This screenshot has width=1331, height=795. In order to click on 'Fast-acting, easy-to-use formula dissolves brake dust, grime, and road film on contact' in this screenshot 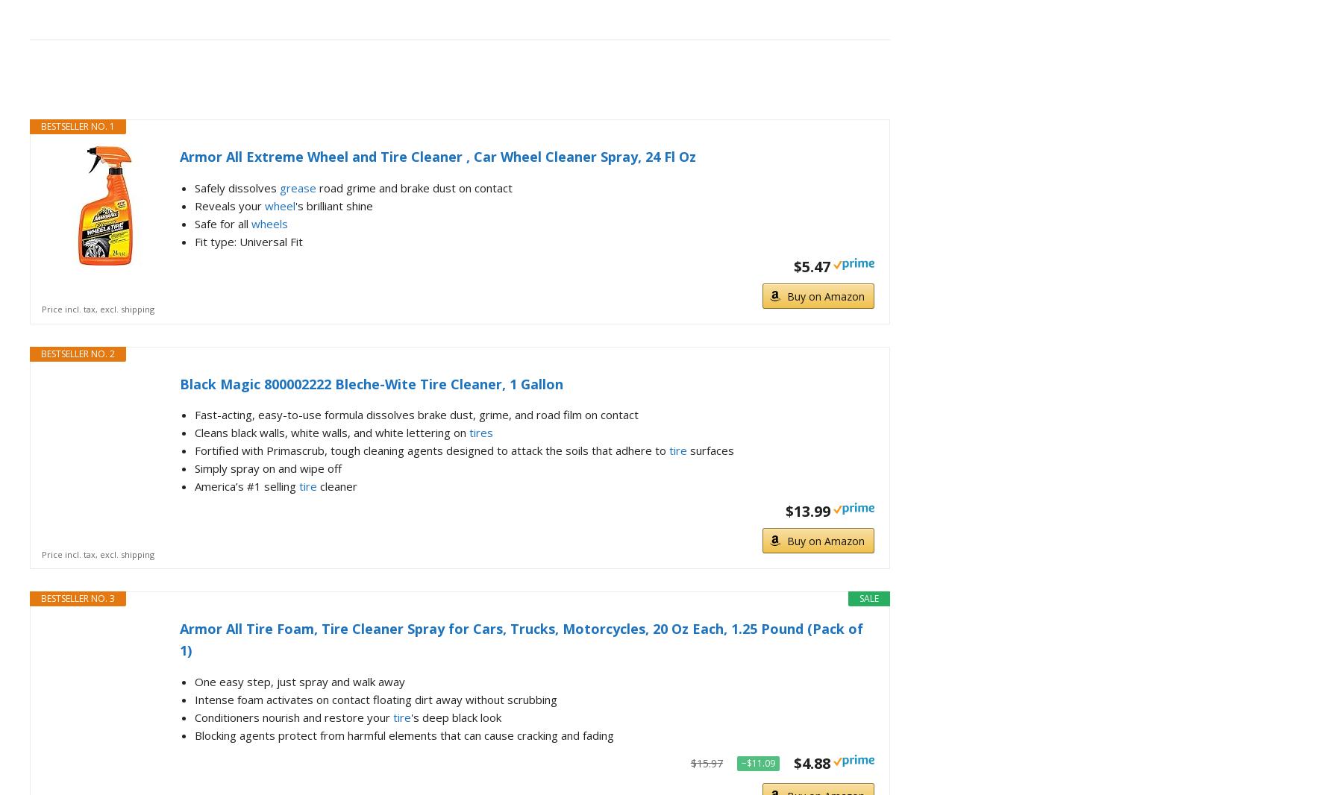, I will do `click(416, 414)`.